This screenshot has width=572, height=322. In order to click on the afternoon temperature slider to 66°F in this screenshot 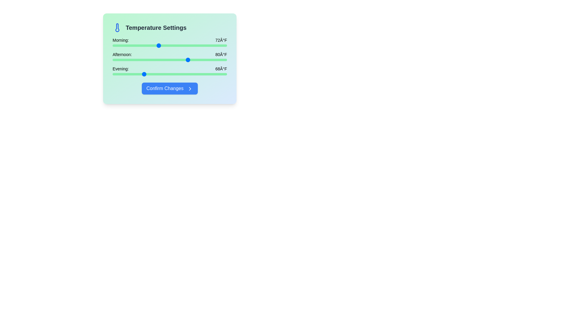, I will do `click(135, 60)`.